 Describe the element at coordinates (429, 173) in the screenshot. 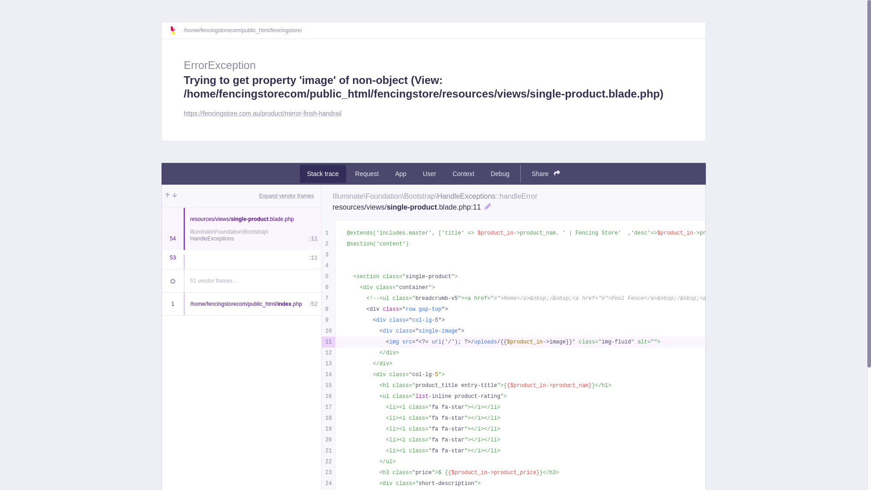

I see `'User'` at that location.